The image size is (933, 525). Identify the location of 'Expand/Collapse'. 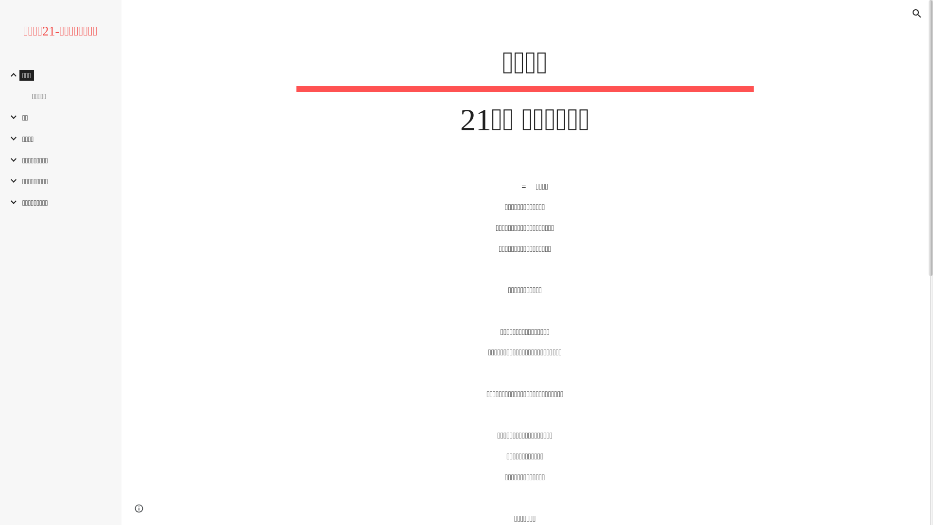
(11, 116).